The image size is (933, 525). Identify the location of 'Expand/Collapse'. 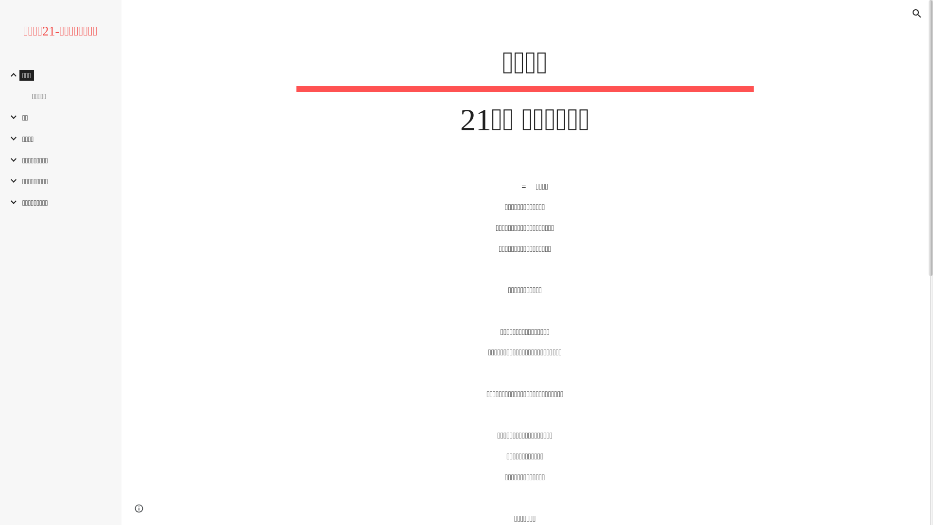
(11, 116).